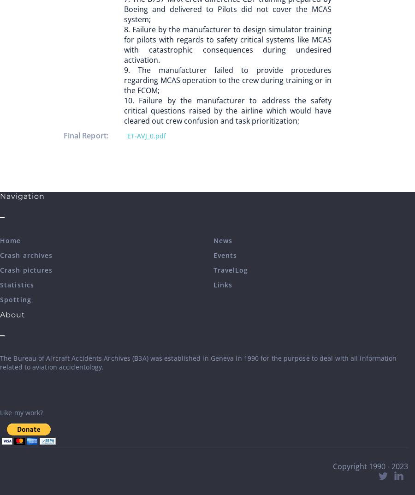 This screenshot has width=415, height=495. What do you see at coordinates (224, 255) in the screenshot?
I see `'Events'` at bounding box center [224, 255].